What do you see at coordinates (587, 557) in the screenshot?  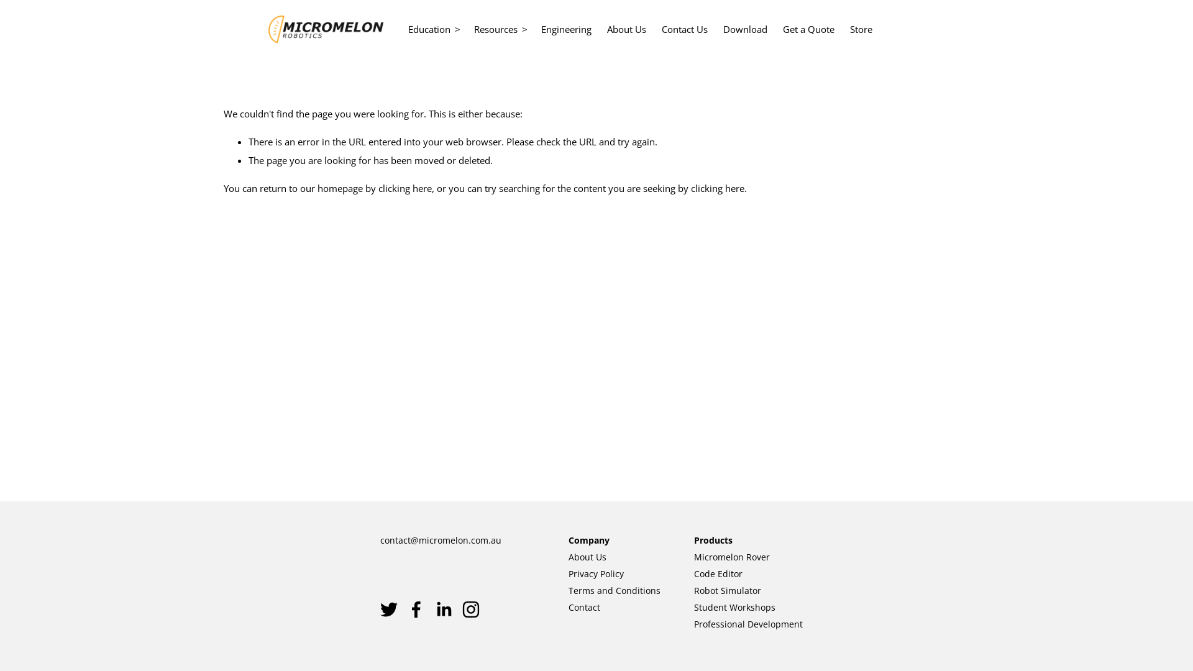 I see `'About Us'` at bounding box center [587, 557].